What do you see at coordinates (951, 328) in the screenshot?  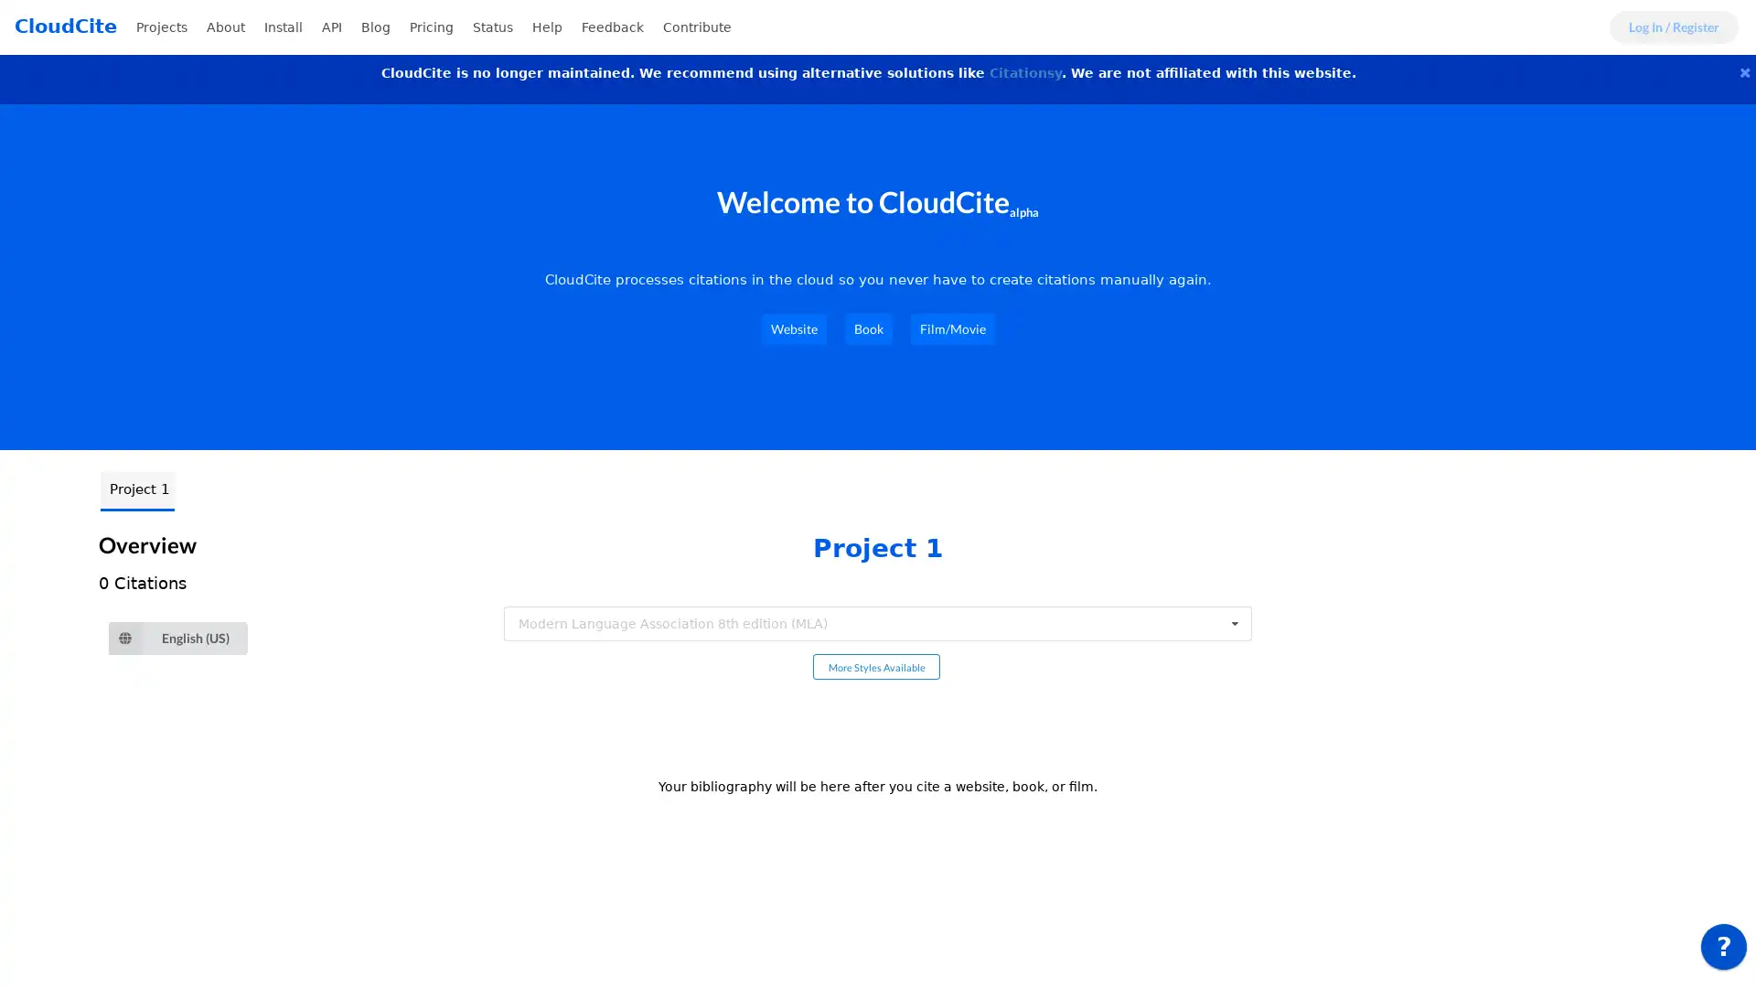 I see `Film/Movie` at bounding box center [951, 328].